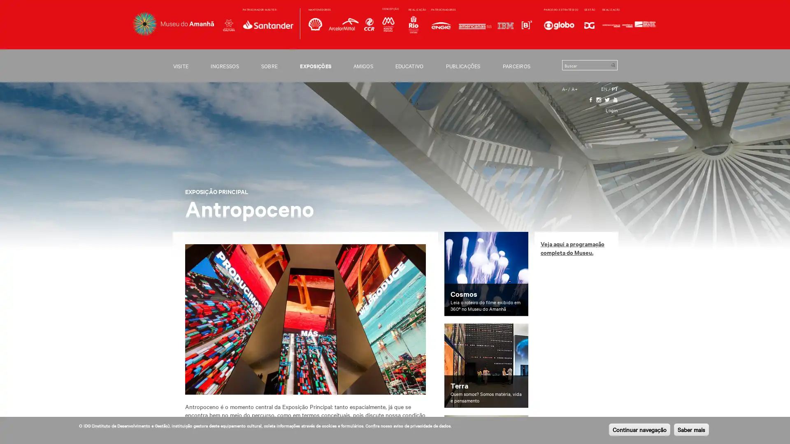 The height and width of the screenshot is (444, 790). Describe the element at coordinates (613, 65) in the screenshot. I see `Submit` at that location.